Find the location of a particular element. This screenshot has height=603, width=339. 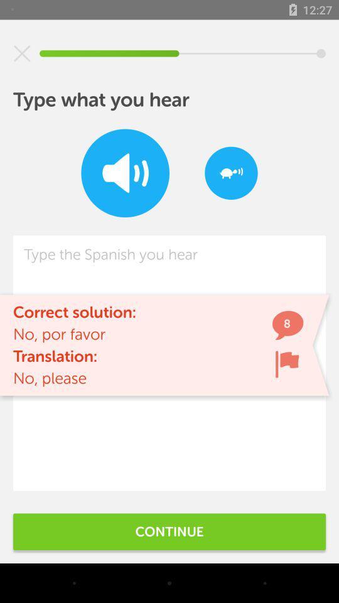

continue item is located at coordinates (169, 531).